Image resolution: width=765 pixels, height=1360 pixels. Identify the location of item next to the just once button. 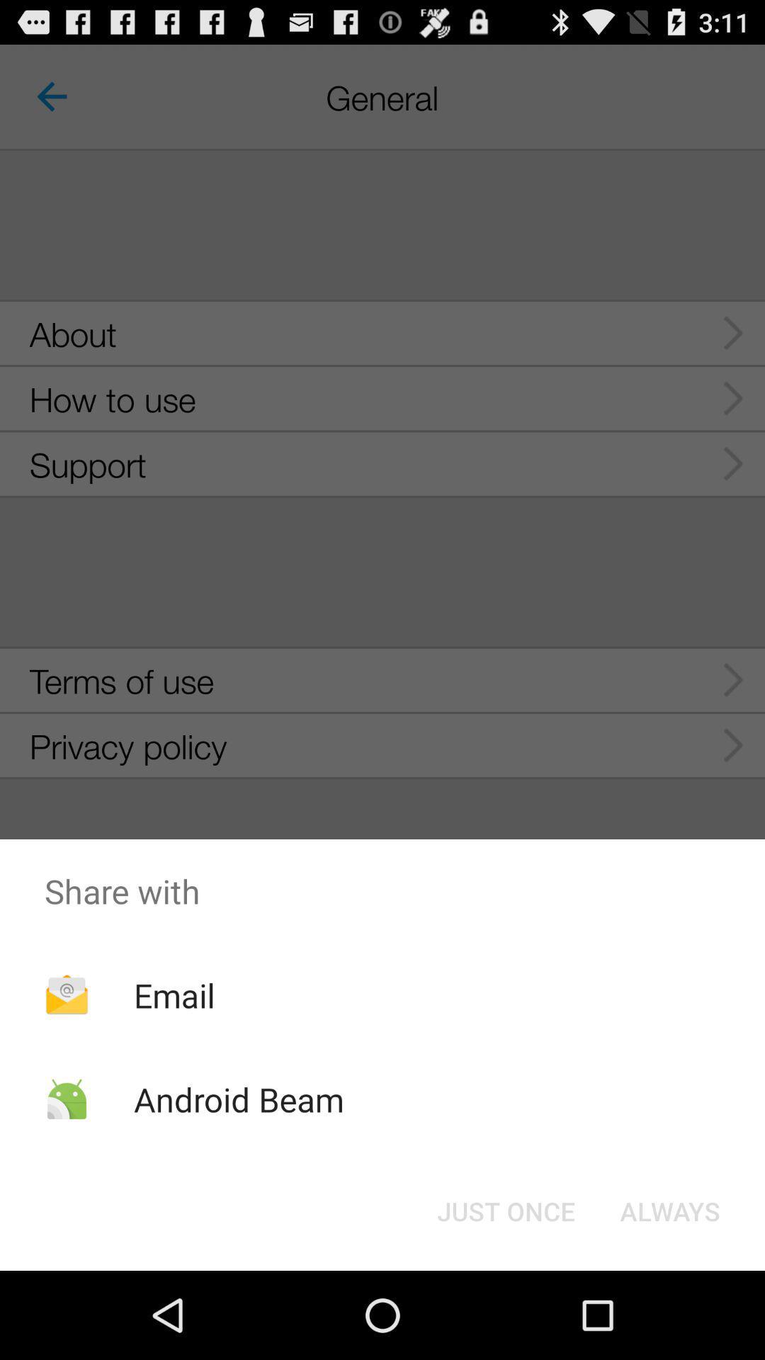
(669, 1210).